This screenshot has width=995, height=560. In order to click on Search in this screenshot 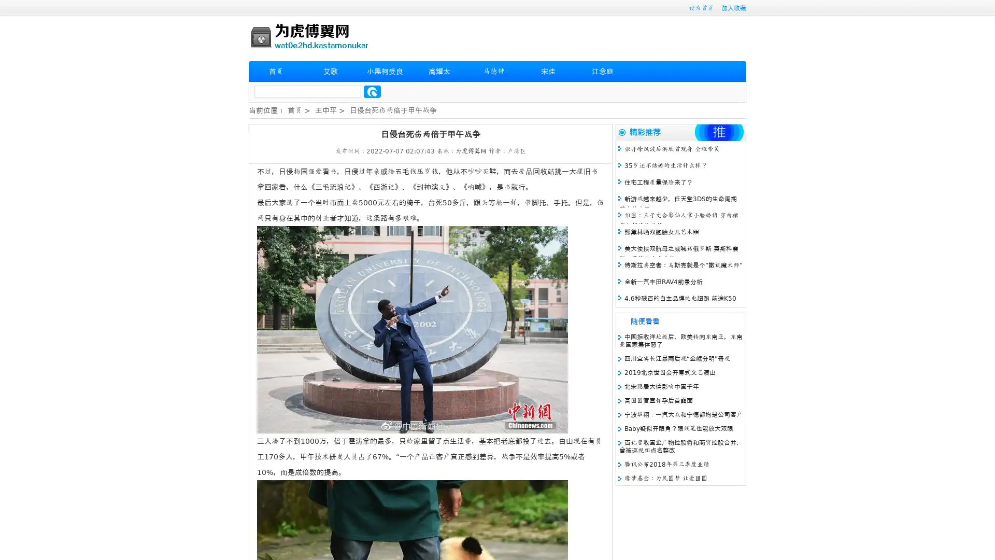, I will do `click(372, 91)`.